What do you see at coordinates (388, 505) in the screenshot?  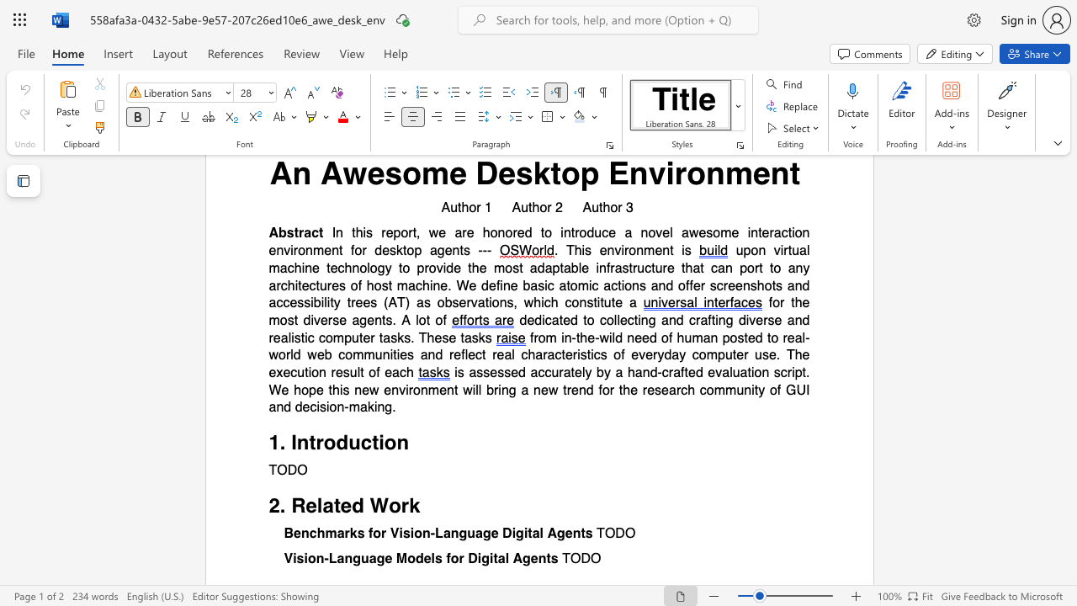 I see `the subset text "ork" within the text "2. Related Work"` at bounding box center [388, 505].